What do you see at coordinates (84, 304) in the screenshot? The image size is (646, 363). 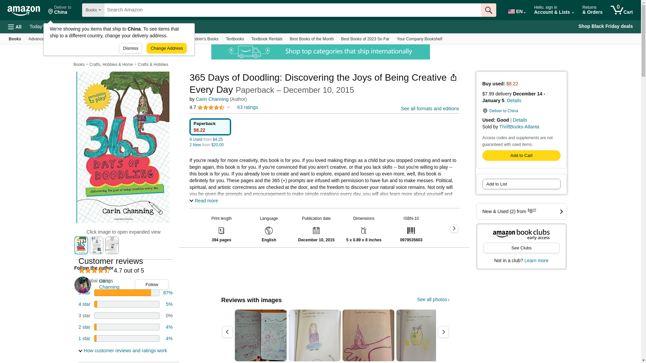 I see `'4 star'` at bounding box center [84, 304].